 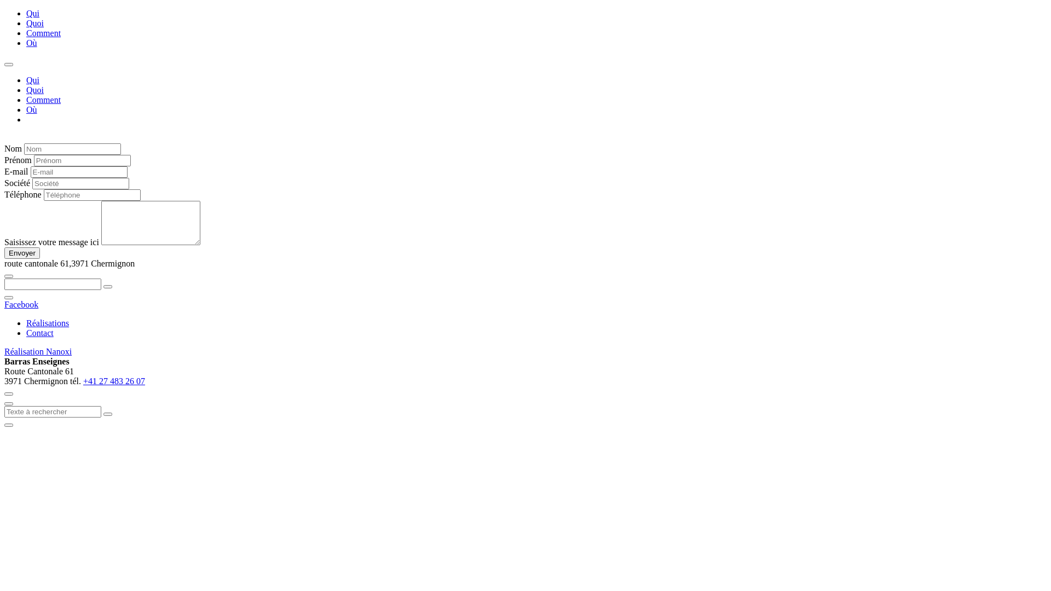 I want to click on '+41 27 483 26 07', so click(x=114, y=380).